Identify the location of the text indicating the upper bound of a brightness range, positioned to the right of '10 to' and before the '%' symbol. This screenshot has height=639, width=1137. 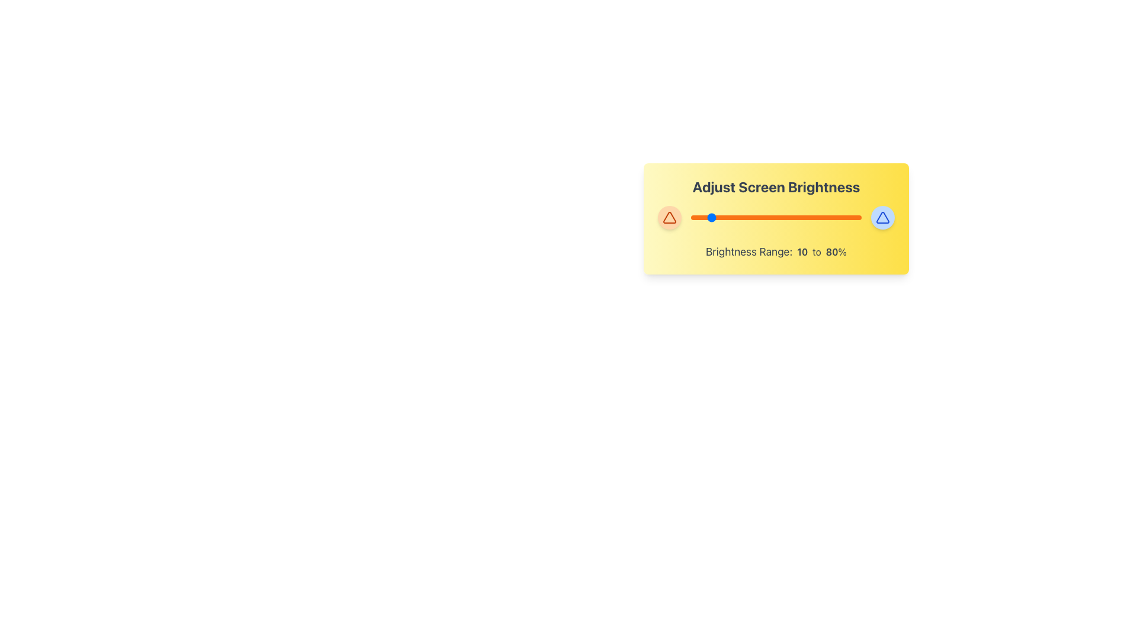
(831, 251).